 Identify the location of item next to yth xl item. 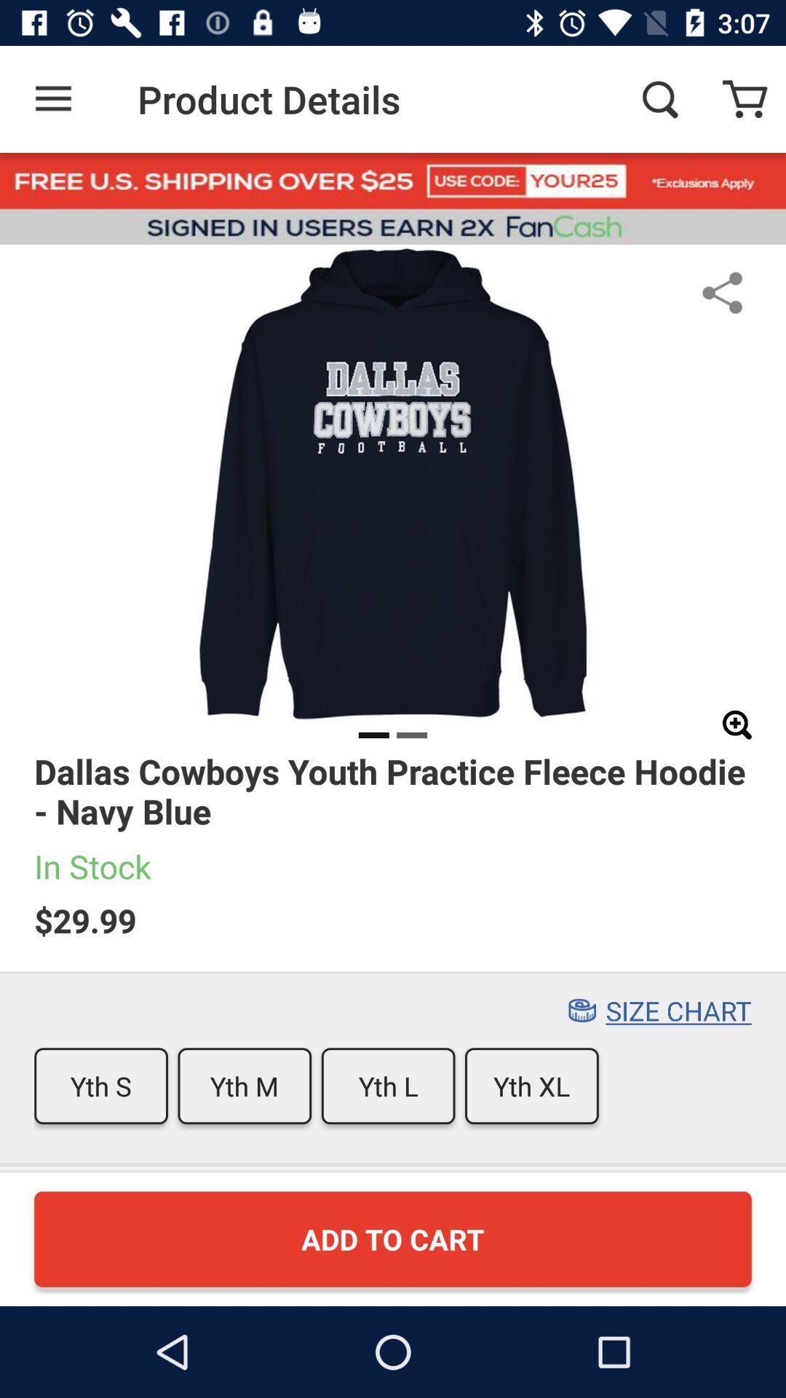
(387, 1086).